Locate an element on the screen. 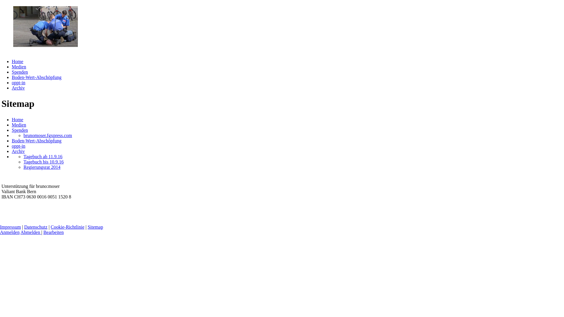 This screenshot has height=317, width=564. 'Datenschutz' is located at coordinates (35, 227).